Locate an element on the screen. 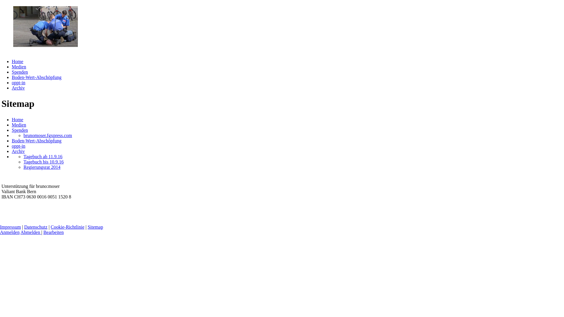 This screenshot has height=317, width=564. 'Datenschutz' is located at coordinates (35, 227).